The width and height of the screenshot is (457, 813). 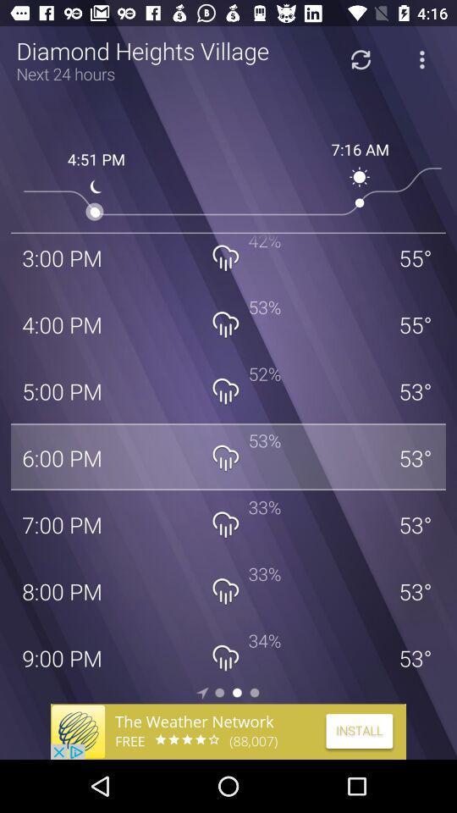 What do you see at coordinates (421, 59) in the screenshot?
I see `open option panel` at bounding box center [421, 59].